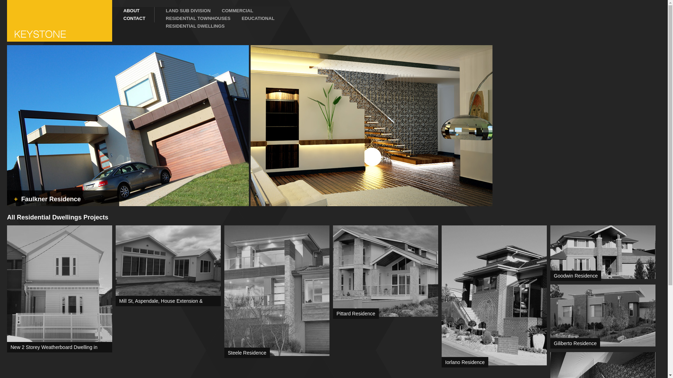  Describe the element at coordinates (190, 26) in the screenshot. I see `'RESIDENTIAL DWELLINGS'` at that location.